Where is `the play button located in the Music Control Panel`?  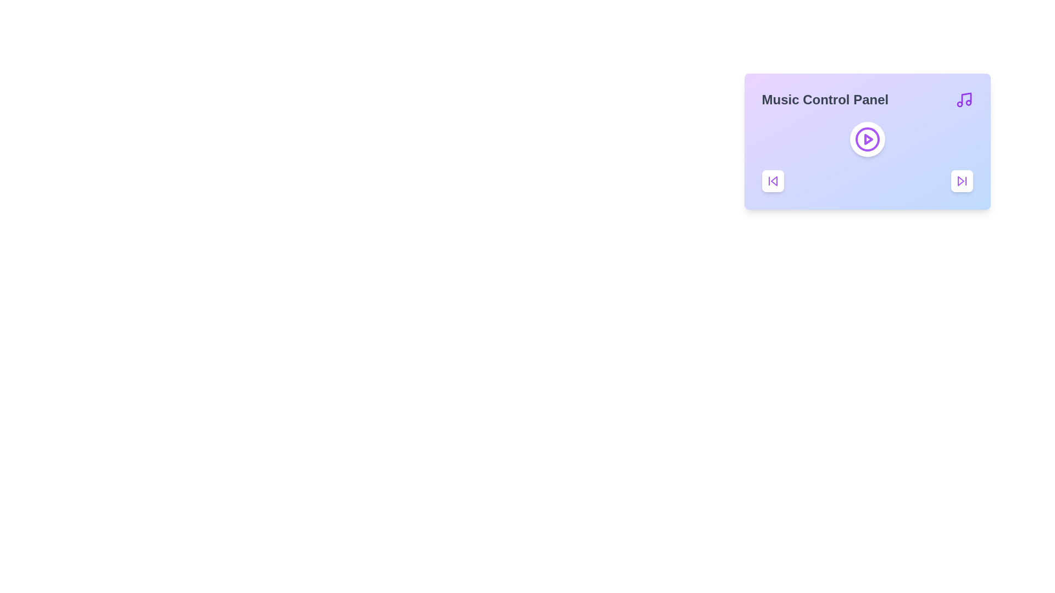
the play button located in the Music Control Panel is located at coordinates (867, 139).